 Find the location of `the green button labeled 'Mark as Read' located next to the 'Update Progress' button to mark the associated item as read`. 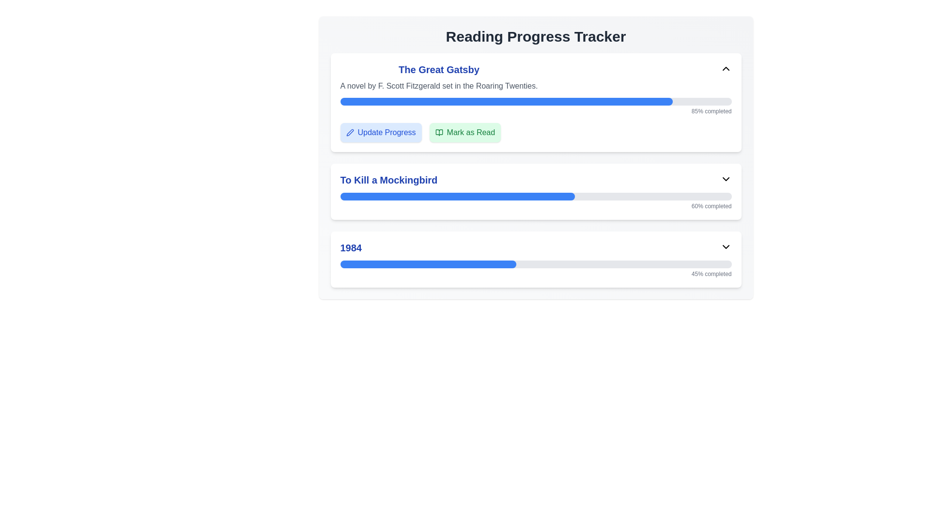

the green button labeled 'Mark as Read' located next to the 'Update Progress' button to mark the associated item as read is located at coordinates (465, 132).